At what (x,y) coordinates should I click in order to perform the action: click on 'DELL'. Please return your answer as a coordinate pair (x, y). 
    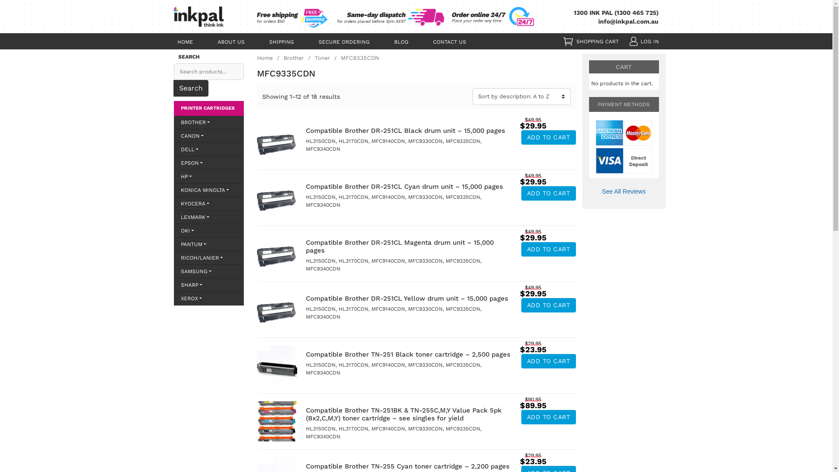
    Looking at the image, I should click on (208, 149).